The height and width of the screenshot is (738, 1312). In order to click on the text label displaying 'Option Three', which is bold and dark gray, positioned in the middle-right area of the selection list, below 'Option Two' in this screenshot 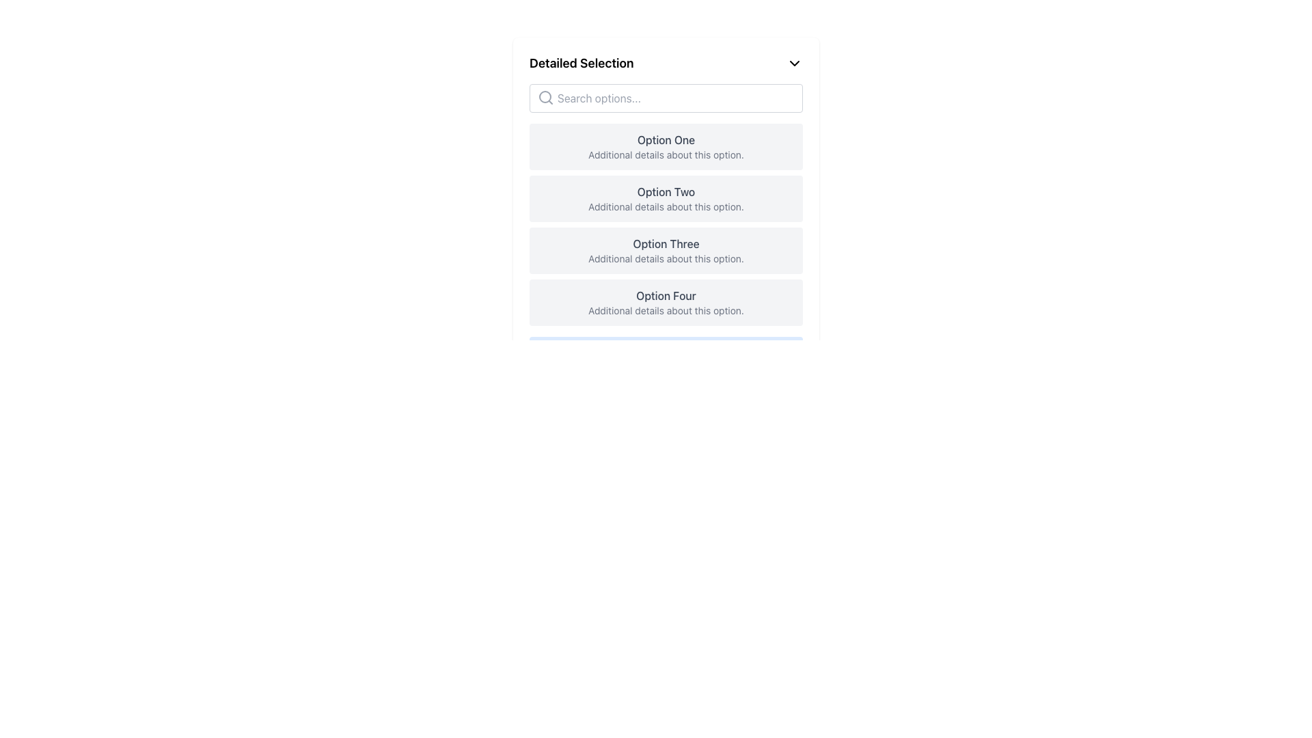, I will do `click(666, 243)`.